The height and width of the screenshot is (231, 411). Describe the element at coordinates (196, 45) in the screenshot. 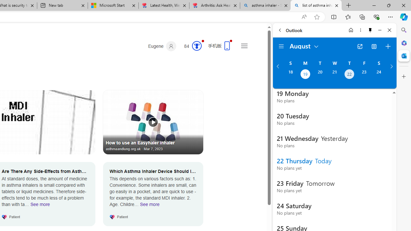

I see `'AutomationID: serp_medal_svg'` at that location.